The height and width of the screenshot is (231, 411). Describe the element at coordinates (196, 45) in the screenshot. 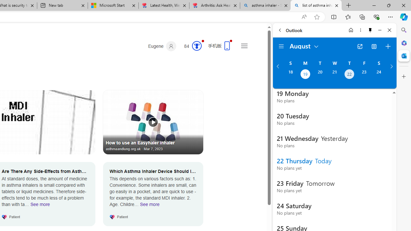

I see `'AutomationID: serp_medal_svg'` at that location.